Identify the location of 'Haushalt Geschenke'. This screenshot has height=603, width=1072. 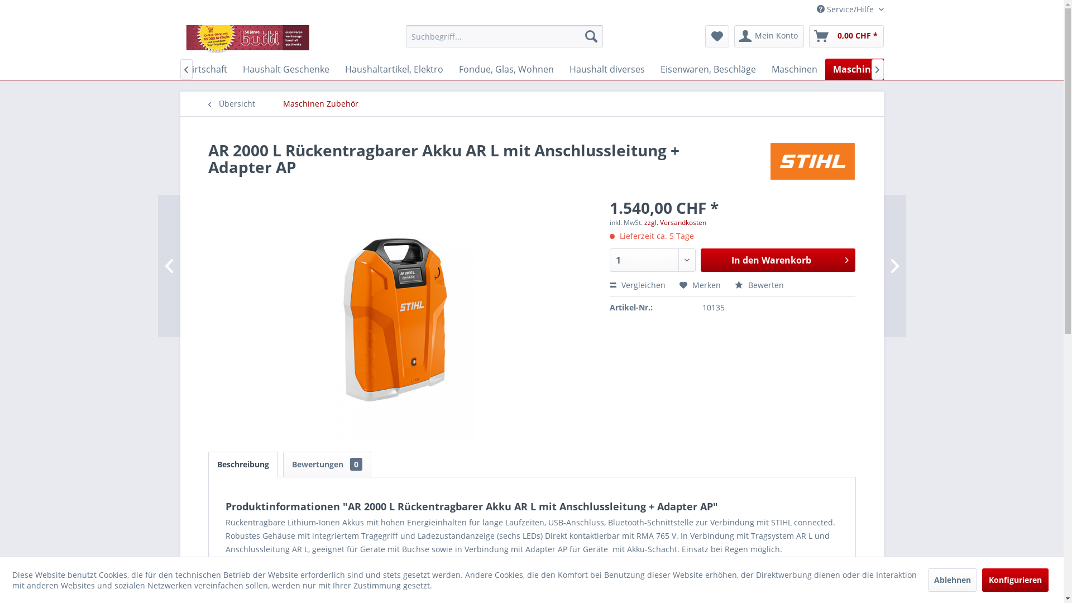
(285, 69).